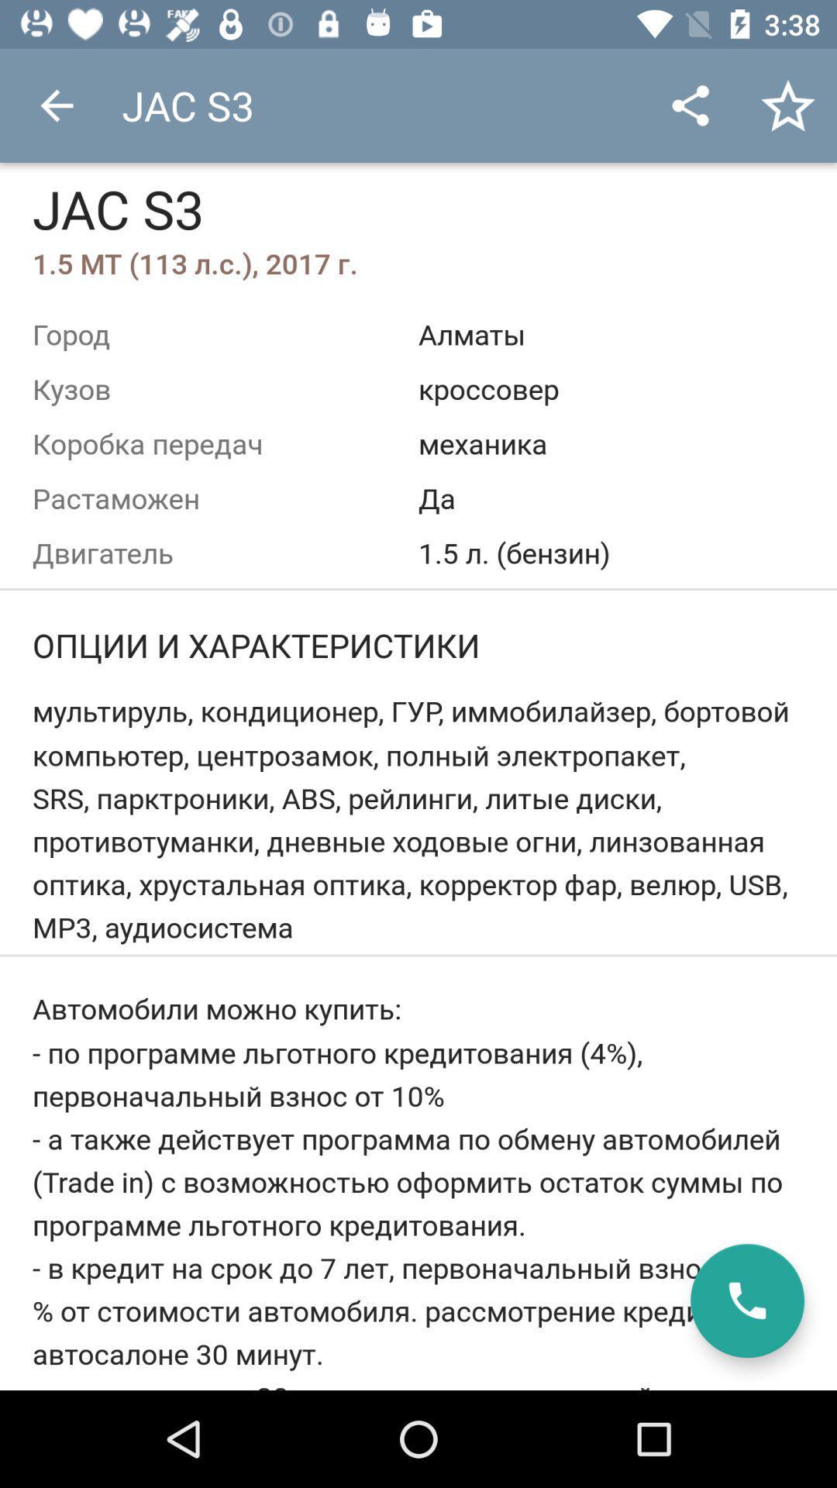 The image size is (837, 1488). Describe the element at coordinates (690, 105) in the screenshot. I see `the app next to the jac s3 app` at that location.